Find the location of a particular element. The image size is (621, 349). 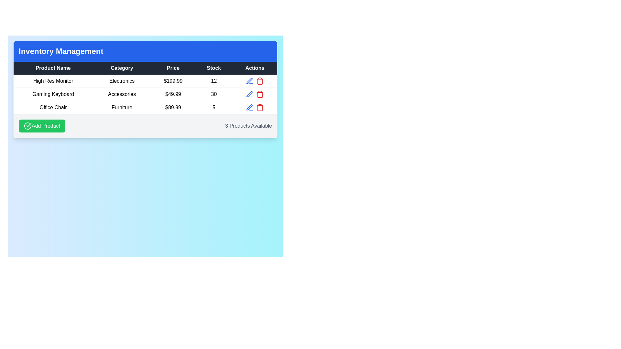

product information for the first row in the product table, which contains details about the 'High Res Monitor' is located at coordinates (145, 81).